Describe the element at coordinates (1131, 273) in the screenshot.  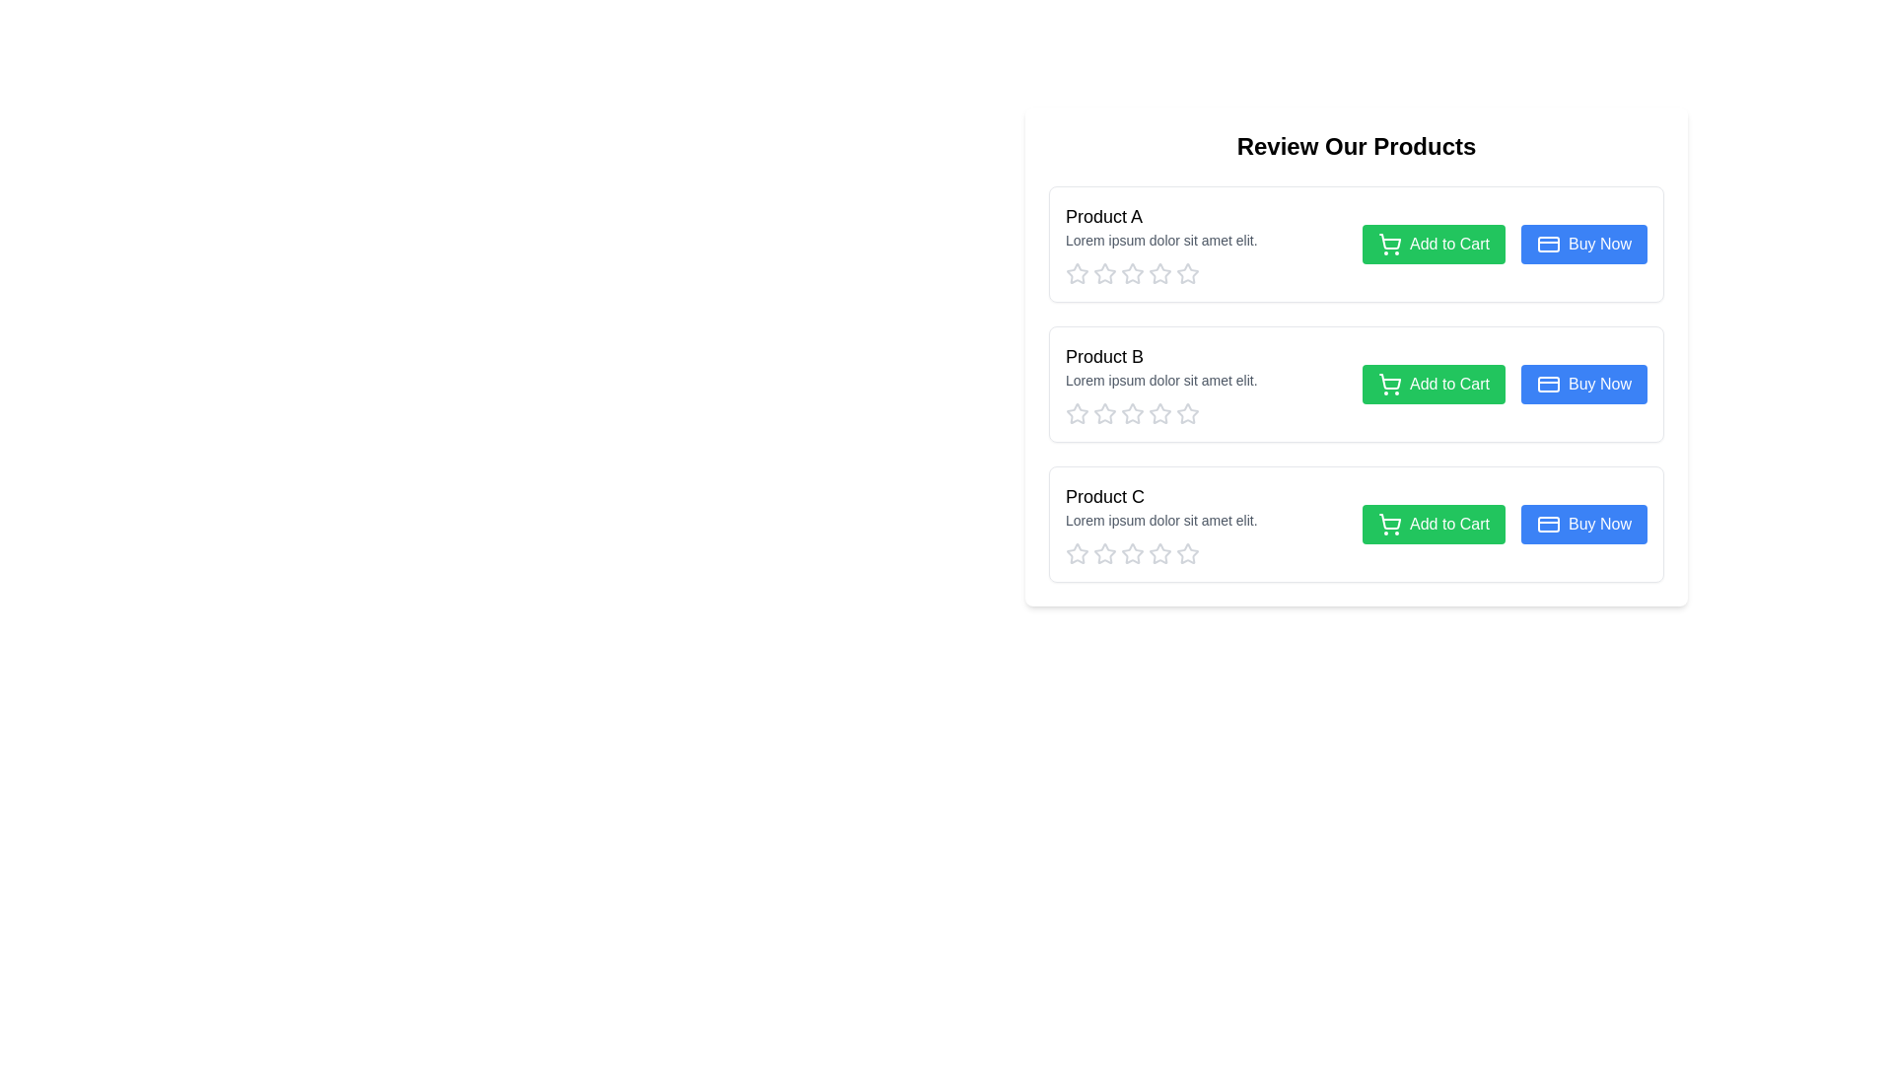
I see `the second star icon in the star rating component beneath the text 'Product A' in the 'Review Our Products' section to rate it` at that location.